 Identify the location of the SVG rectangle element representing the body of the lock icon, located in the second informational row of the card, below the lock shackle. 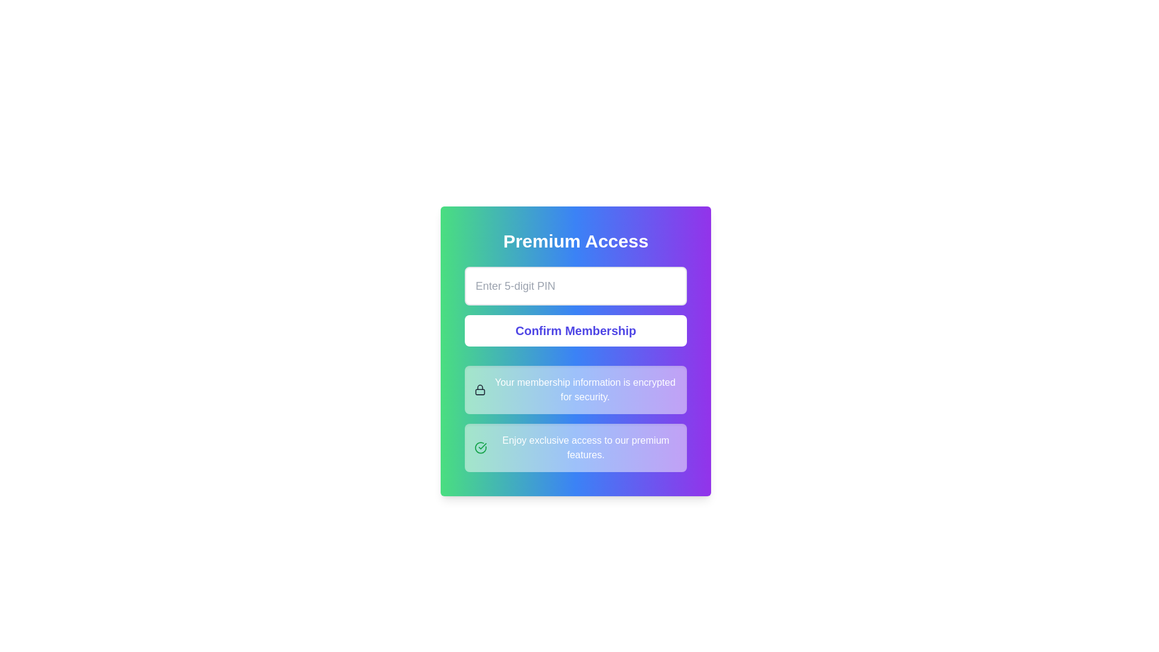
(479, 392).